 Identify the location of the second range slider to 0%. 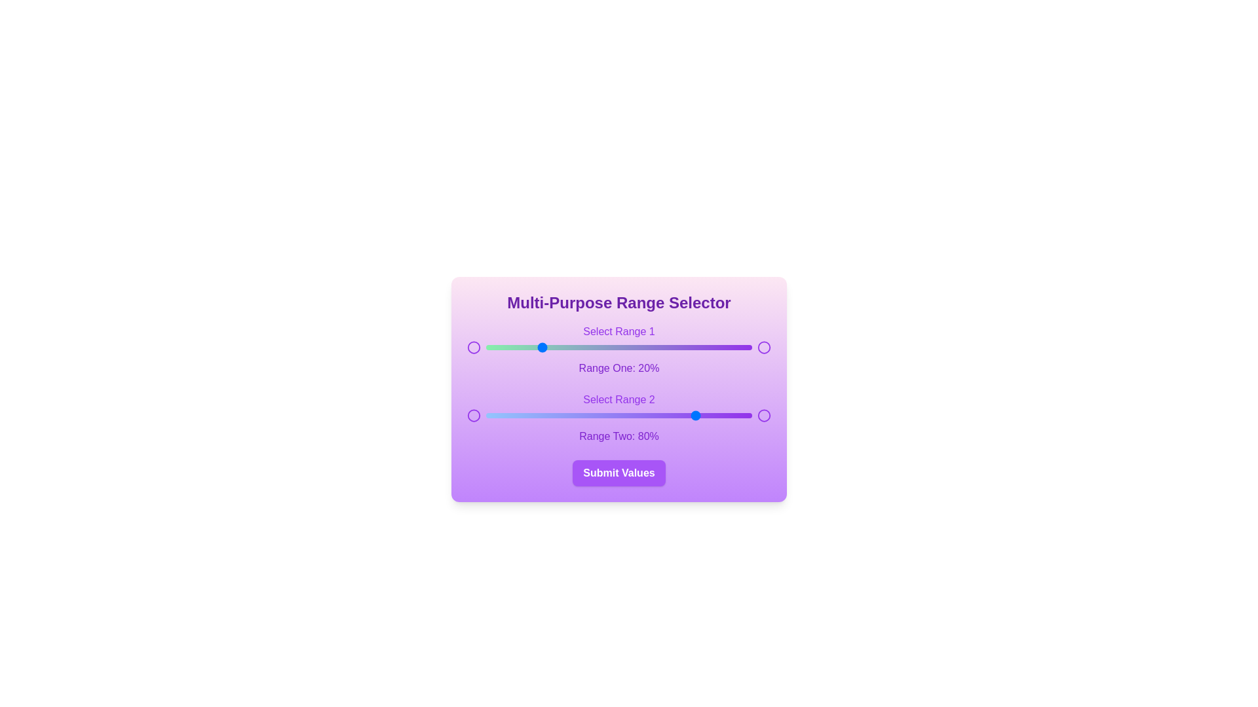
(486, 416).